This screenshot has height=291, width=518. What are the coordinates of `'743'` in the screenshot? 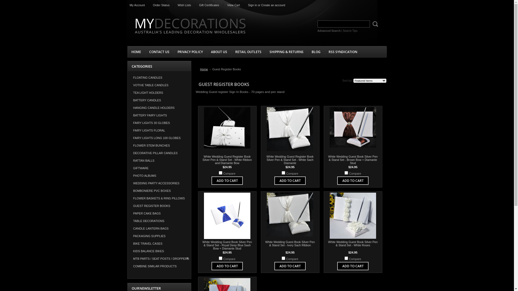 It's located at (220, 258).